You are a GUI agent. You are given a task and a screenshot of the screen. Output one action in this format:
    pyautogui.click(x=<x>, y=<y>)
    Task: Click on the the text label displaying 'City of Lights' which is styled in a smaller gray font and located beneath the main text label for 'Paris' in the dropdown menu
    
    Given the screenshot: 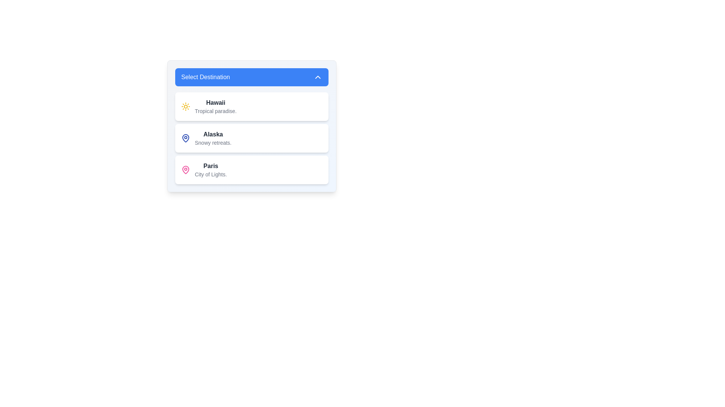 What is the action you would take?
    pyautogui.click(x=211, y=174)
    